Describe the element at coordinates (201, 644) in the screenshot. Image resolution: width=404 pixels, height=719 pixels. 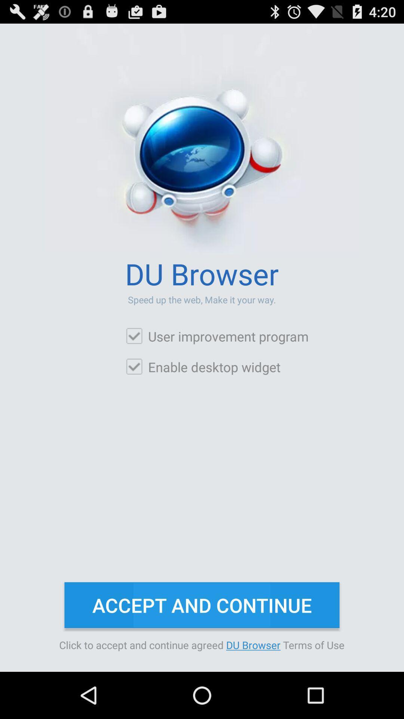
I see `the click to accept icon` at that location.